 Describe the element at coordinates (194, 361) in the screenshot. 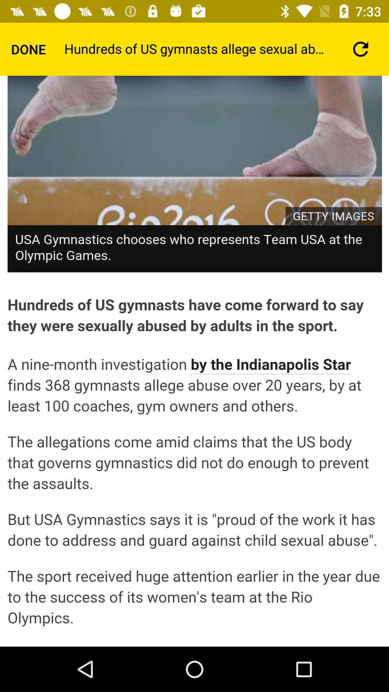

I see `article` at that location.